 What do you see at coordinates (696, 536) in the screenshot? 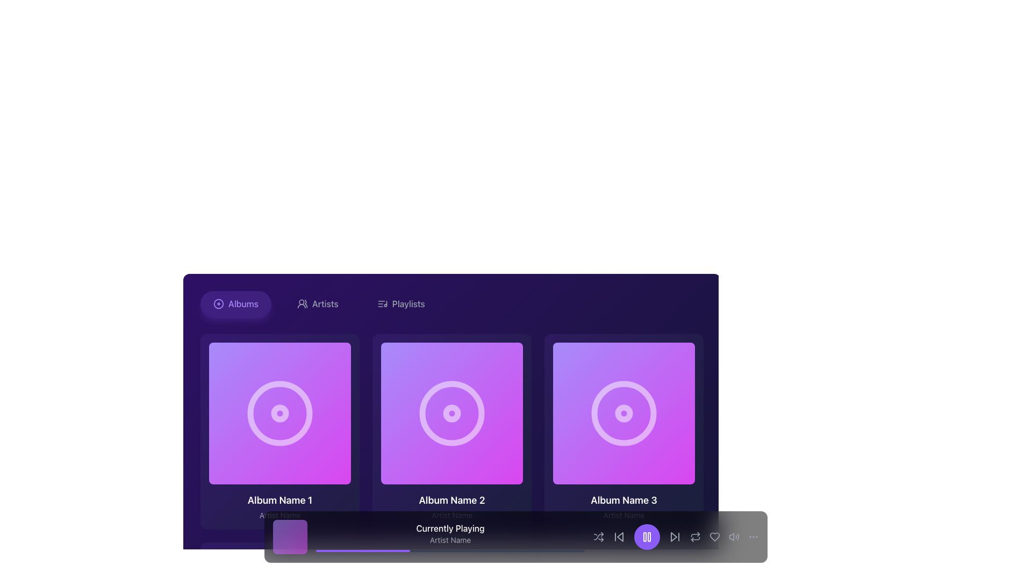
I see `the repeat button icon, which is styled with two arrows forming a circular motion` at bounding box center [696, 536].